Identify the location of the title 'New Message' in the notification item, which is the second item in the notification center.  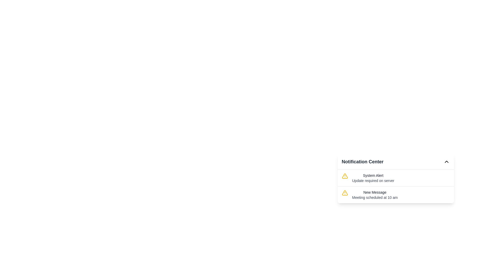
(395, 195).